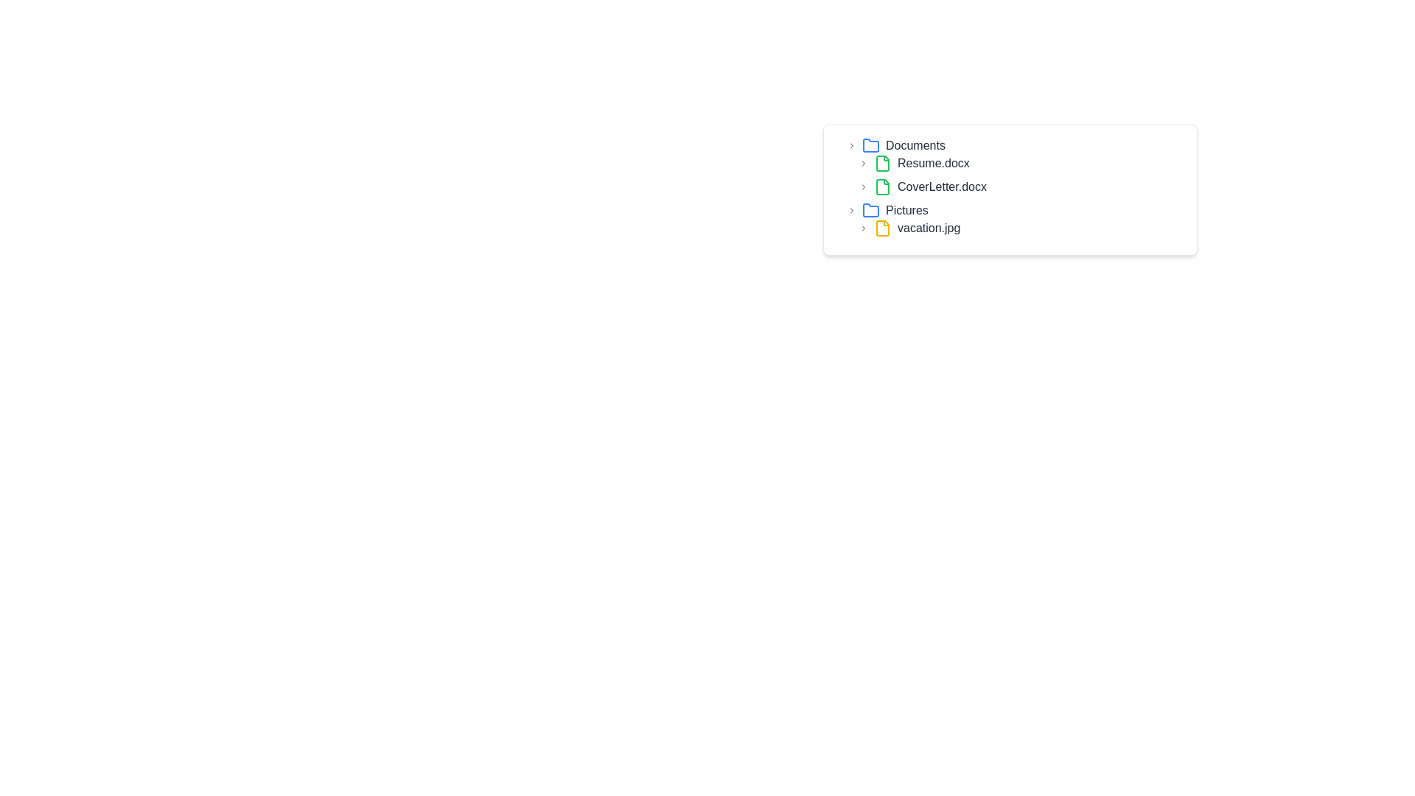 The height and width of the screenshot is (796, 1415). What do you see at coordinates (870, 210) in the screenshot?
I see `the folder icon with a blue outline and light interior, which is the second folder icon in the list, located to the left of the text label 'Pictures'` at bounding box center [870, 210].